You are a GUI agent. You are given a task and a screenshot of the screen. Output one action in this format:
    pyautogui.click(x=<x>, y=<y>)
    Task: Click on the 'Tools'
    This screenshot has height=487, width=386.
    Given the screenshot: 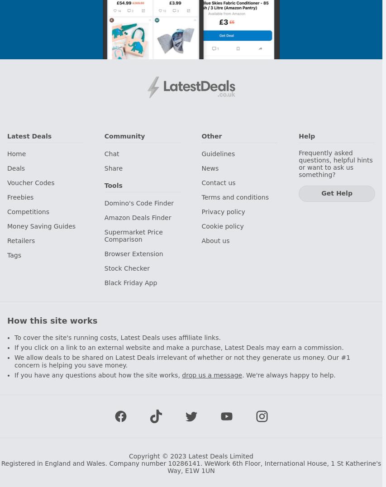 What is the action you would take?
    pyautogui.click(x=113, y=185)
    